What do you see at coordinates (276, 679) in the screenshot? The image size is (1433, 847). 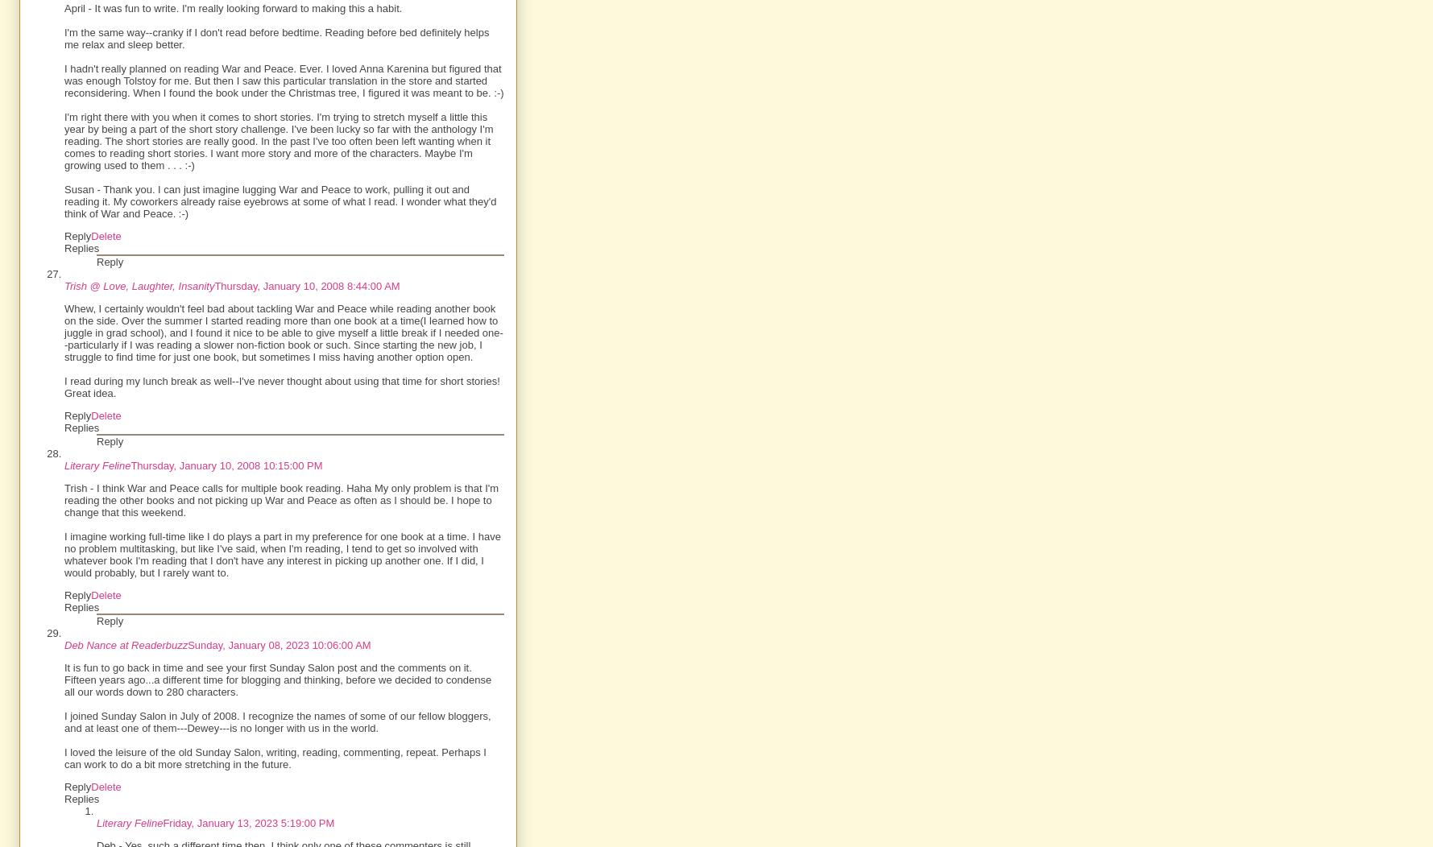 I see `'It is fun to go back in time and see your first Sunday Salon post and the comments on it. Fifteen years ago...a different time for blogging and thinking, before we decided to condense all our words down to 280 characters.'` at bounding box center [276, 679].